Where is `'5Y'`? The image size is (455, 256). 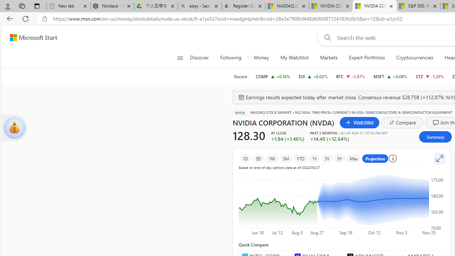
'5Y' is located at coordinates (339, 158).